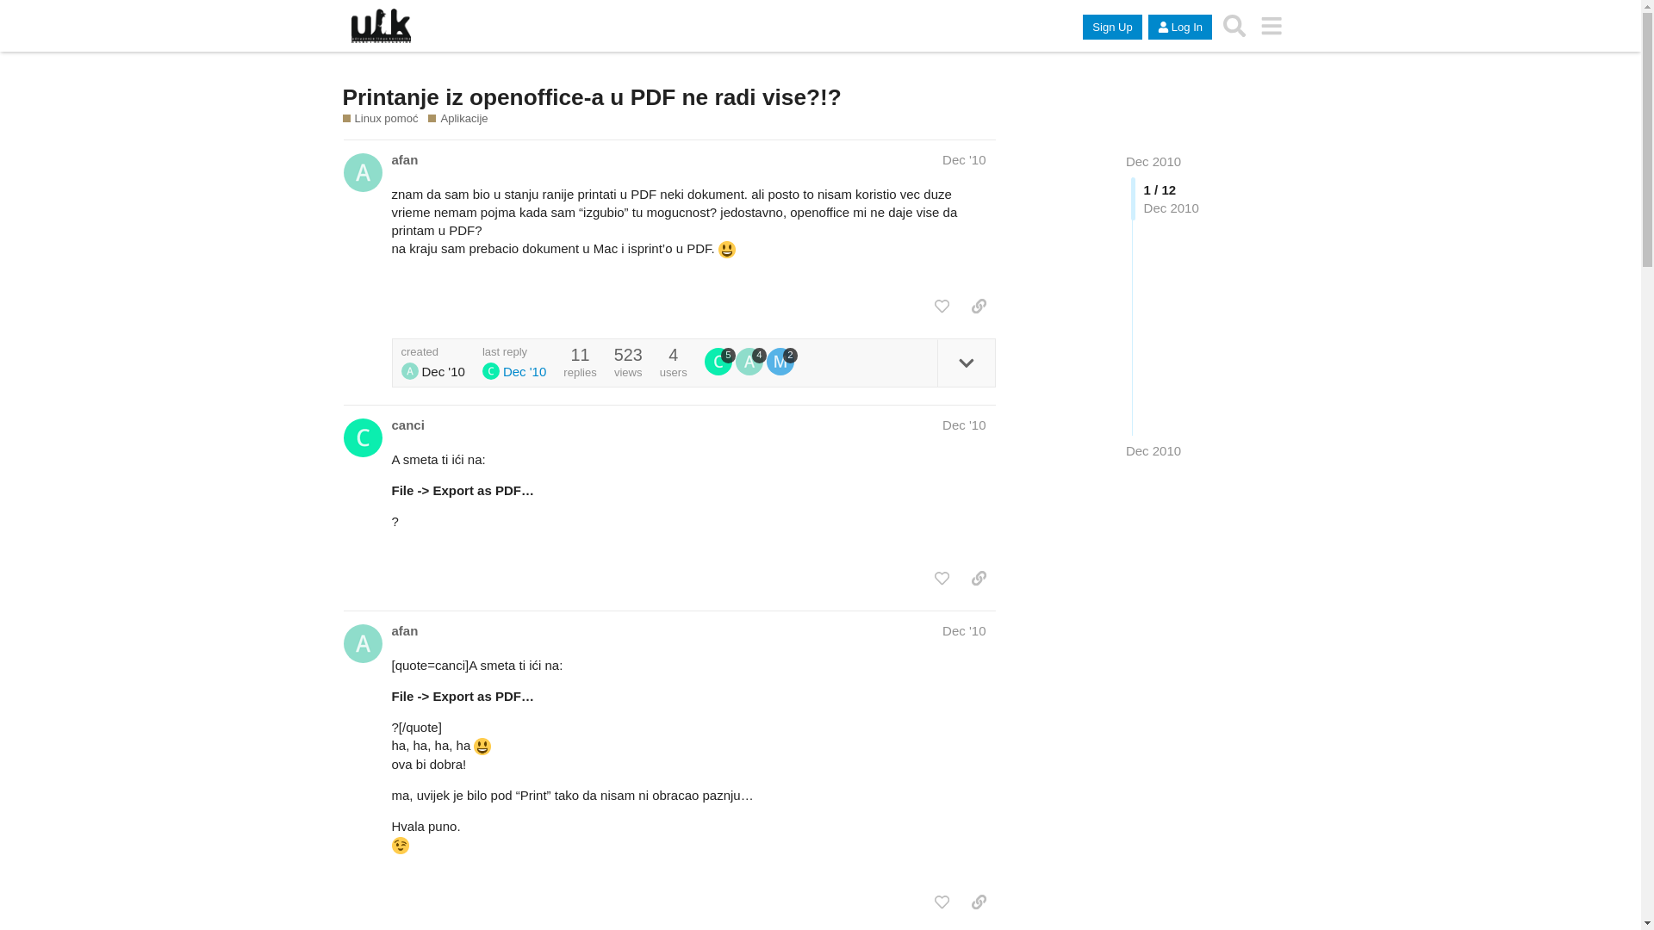  Describe the element at coordinates (513, 362) in the screenshot. I see `'last reply` at that location.